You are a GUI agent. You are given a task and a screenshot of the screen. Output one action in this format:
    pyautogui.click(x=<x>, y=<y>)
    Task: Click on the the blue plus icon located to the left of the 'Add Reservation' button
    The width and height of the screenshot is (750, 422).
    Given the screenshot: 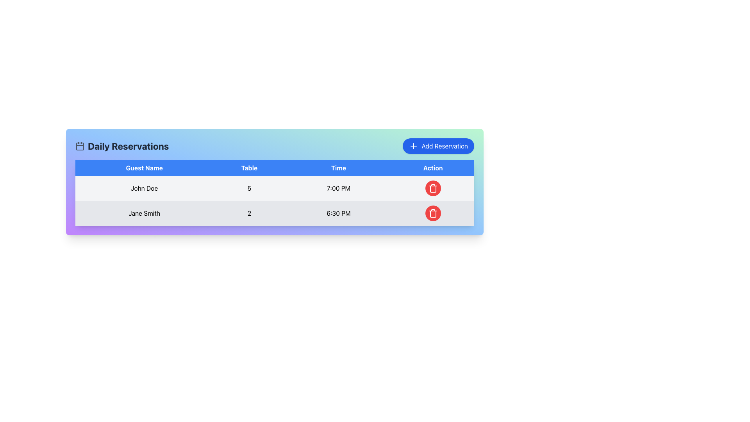 What is the action you would take?
    pyautogui.click(x=413, y=146)
    